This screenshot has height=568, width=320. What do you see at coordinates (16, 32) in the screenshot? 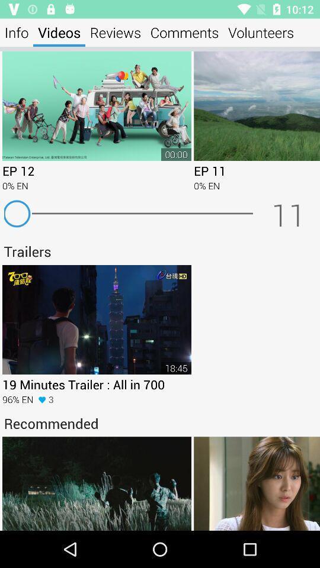
I see `the icon next to videos icon` at bounding box center [16, 32].